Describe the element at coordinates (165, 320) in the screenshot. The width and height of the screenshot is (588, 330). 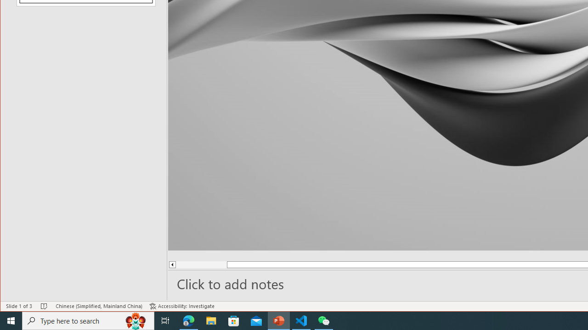
I see `'Task View'` at that location.